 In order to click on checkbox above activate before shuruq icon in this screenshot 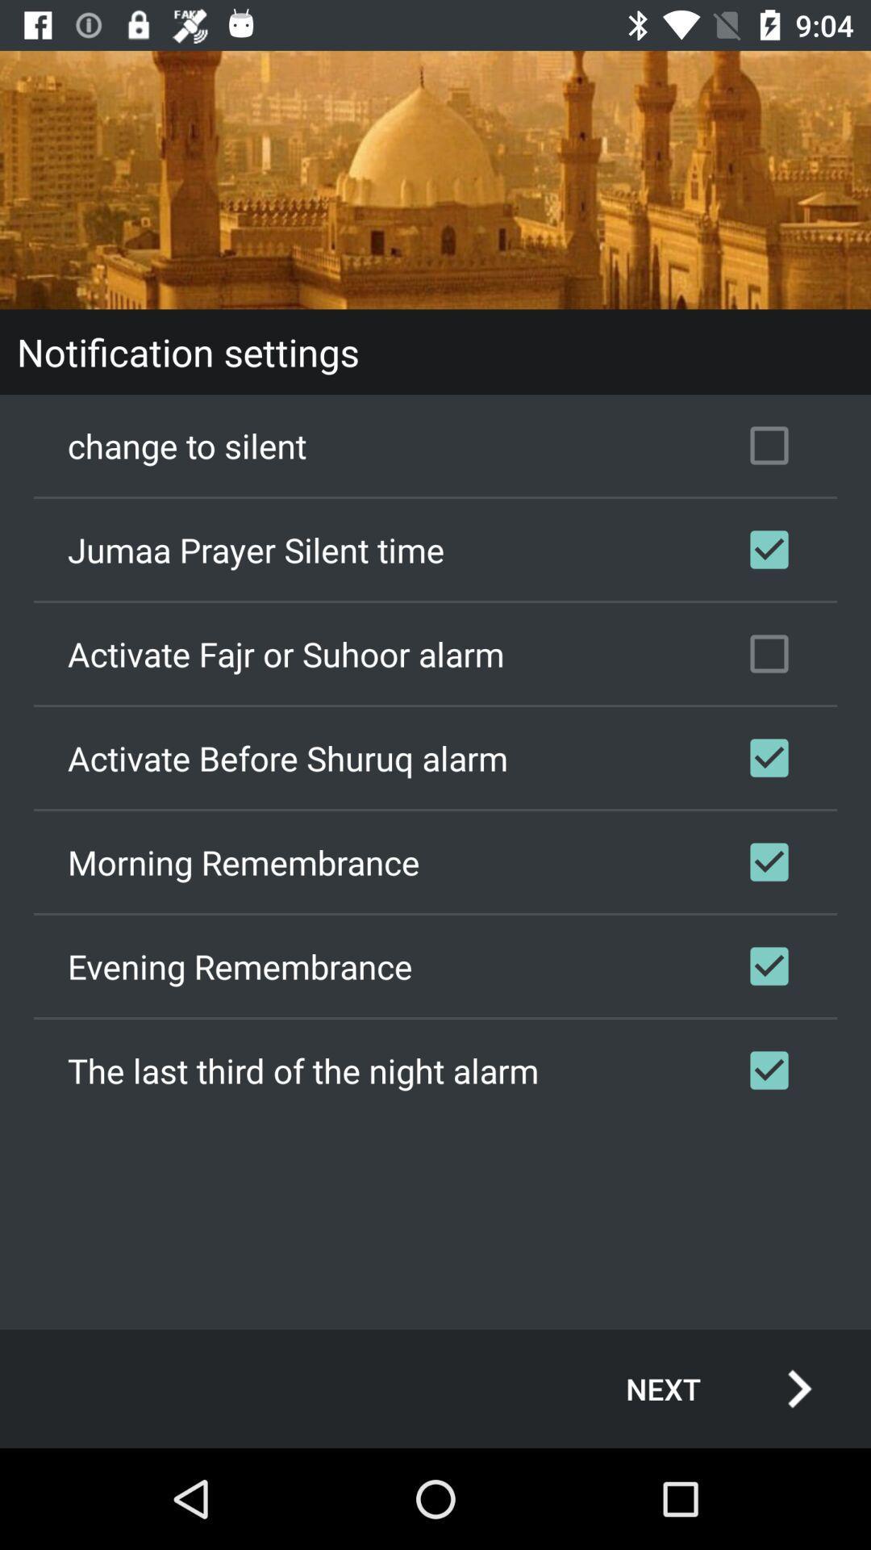, I will do `click(435, 654)`.